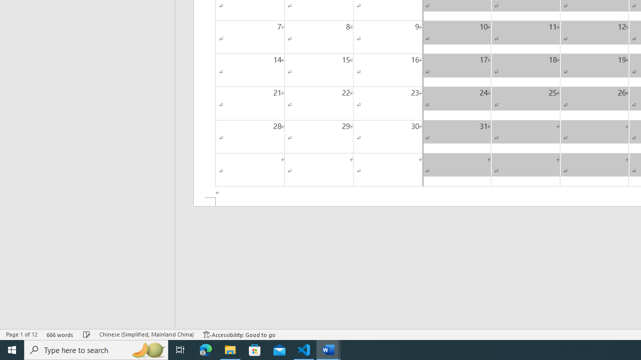 The width and height of the screenshot is (641, 360). I want to click on 'Page Number Page 1 of 12', so click(22, 334).